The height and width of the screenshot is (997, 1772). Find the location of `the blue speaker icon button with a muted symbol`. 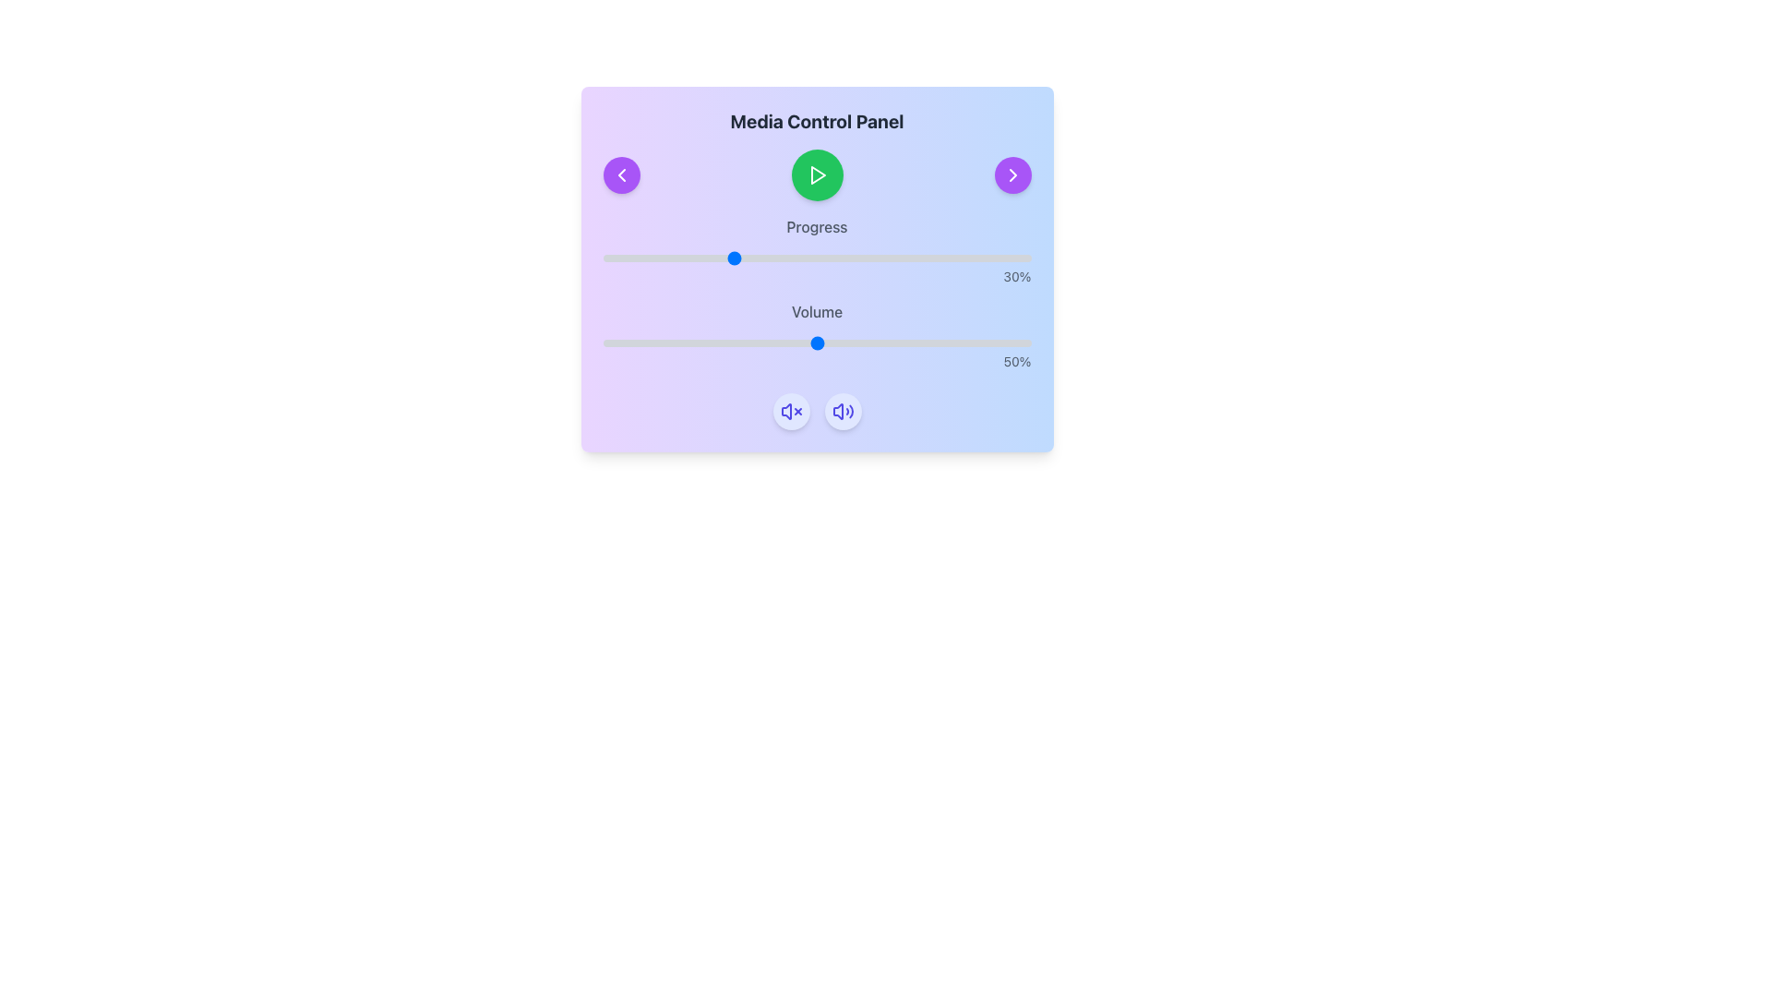

the blue speaker icon button with a muted symbol is located at coordinates (791, 411).